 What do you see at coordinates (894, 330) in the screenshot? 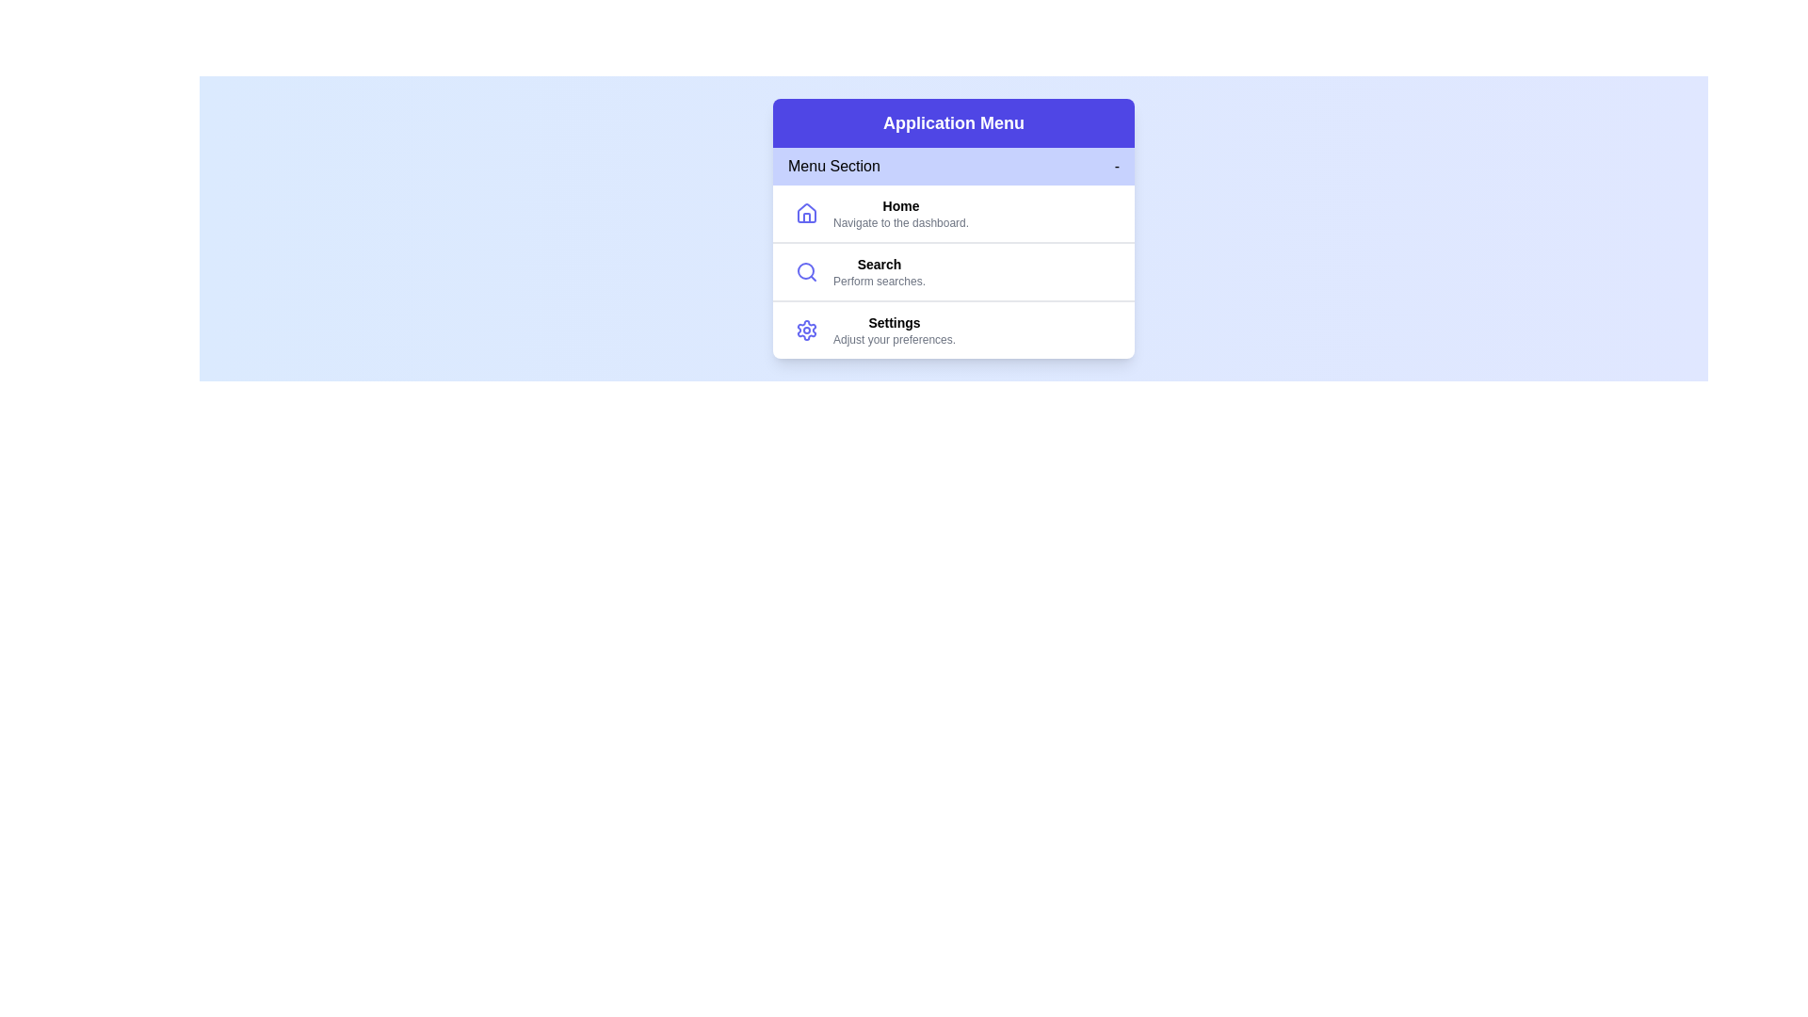
I see `the menu item Settings by clicking on it` at bounding box center [894, 330].